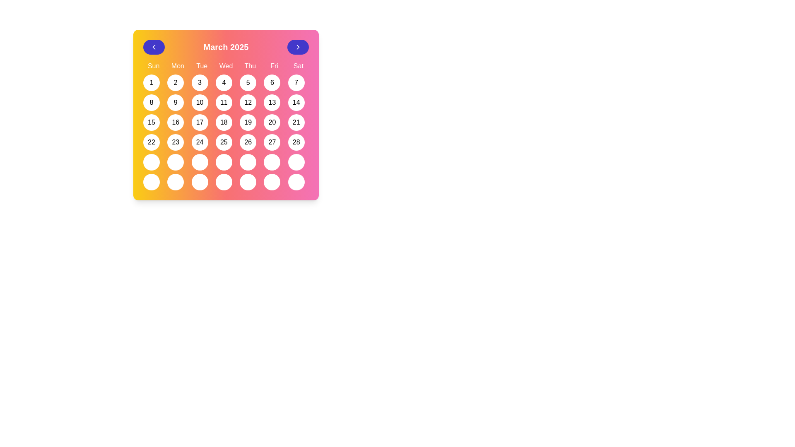  I want to click on the first date button representing the date '1' of March 2025, located under 'Sun' in the calendar grid layout, so click(151, 83).